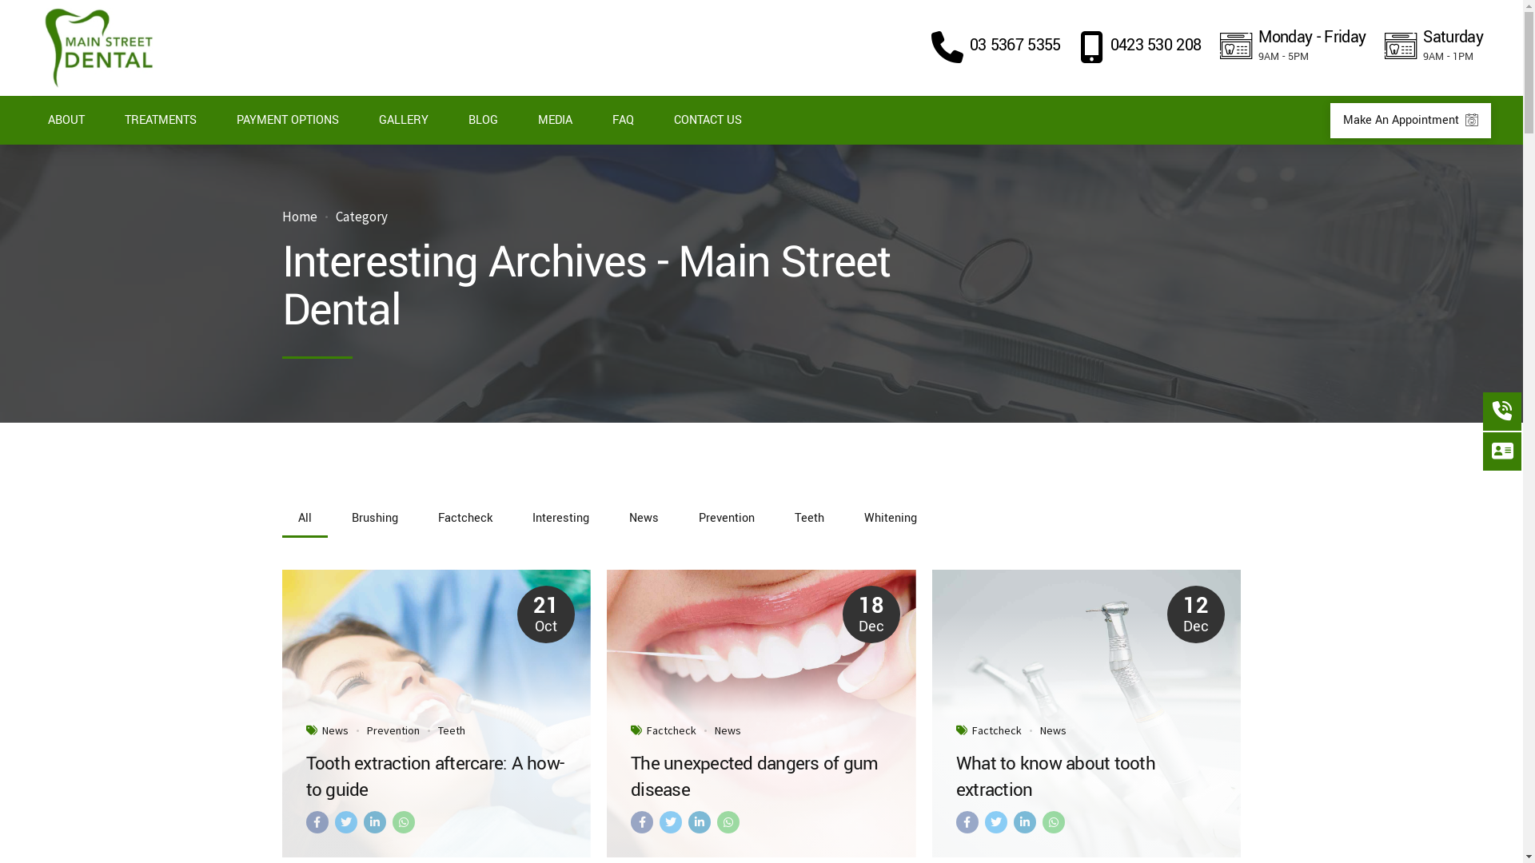 The height and width of the screenshot is (863, 1535). I want to click on 'PAYMENT OPTIONS', so click(288, 119).